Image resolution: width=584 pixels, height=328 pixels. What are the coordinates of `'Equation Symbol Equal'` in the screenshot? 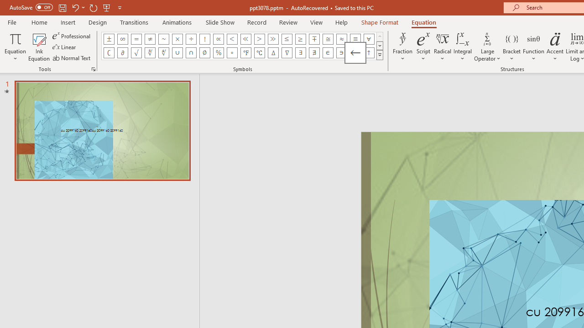 It's located at (136, 39).